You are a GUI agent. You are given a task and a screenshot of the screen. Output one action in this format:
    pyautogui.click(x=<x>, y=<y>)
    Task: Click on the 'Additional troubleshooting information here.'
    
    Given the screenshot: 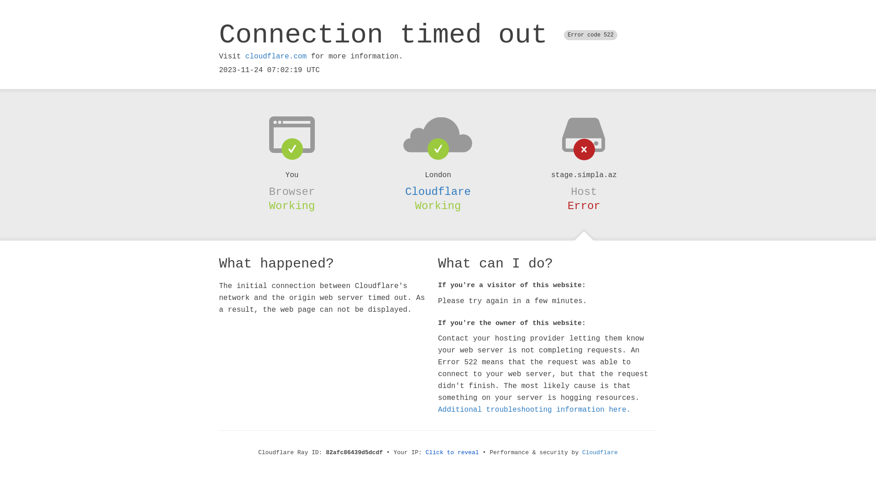 What is the action you would take?
    pyautogui.click(x=534, y=409)
    